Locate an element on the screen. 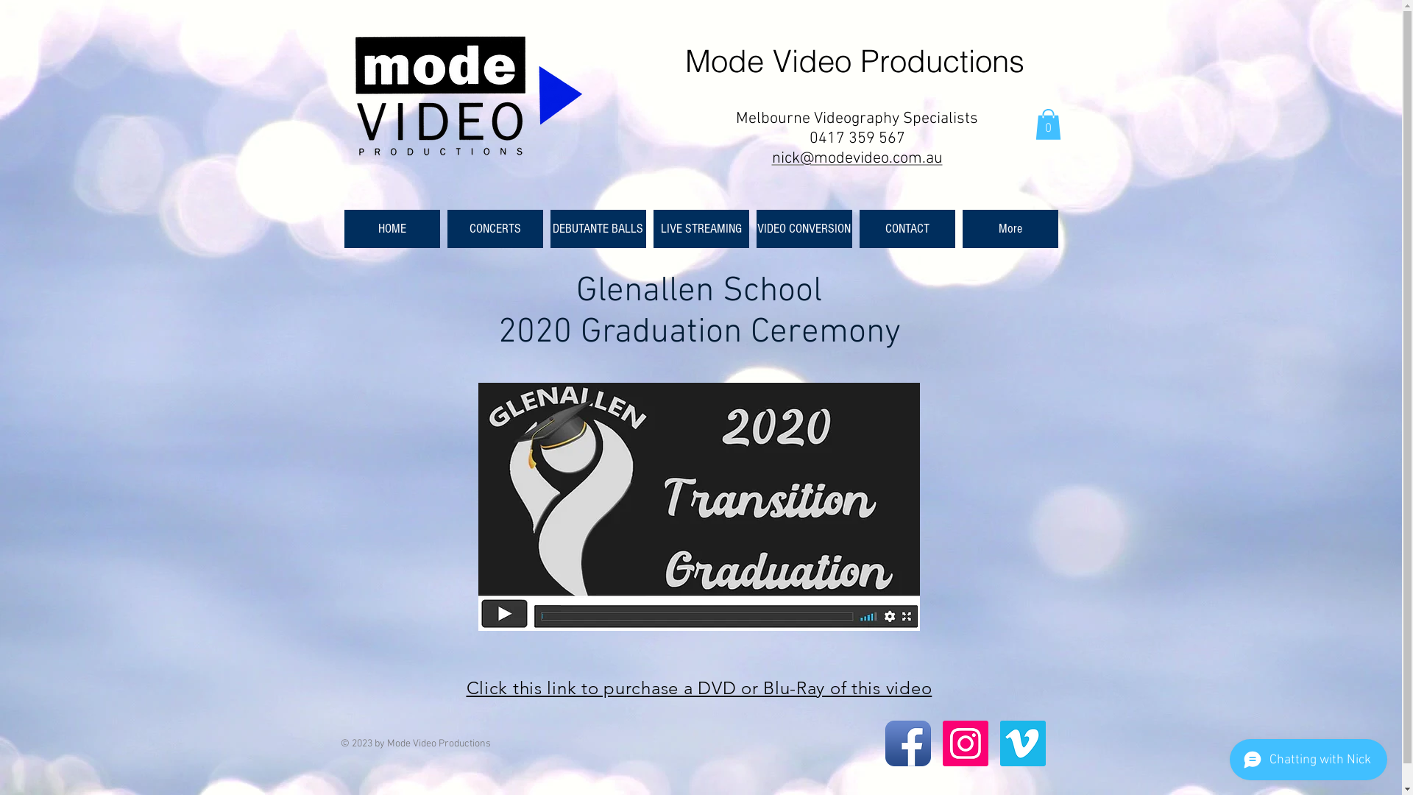 This screenshot has height=795, width=1413. 'DEBUTANTE BALLS' is located at coordinates (550, 229).